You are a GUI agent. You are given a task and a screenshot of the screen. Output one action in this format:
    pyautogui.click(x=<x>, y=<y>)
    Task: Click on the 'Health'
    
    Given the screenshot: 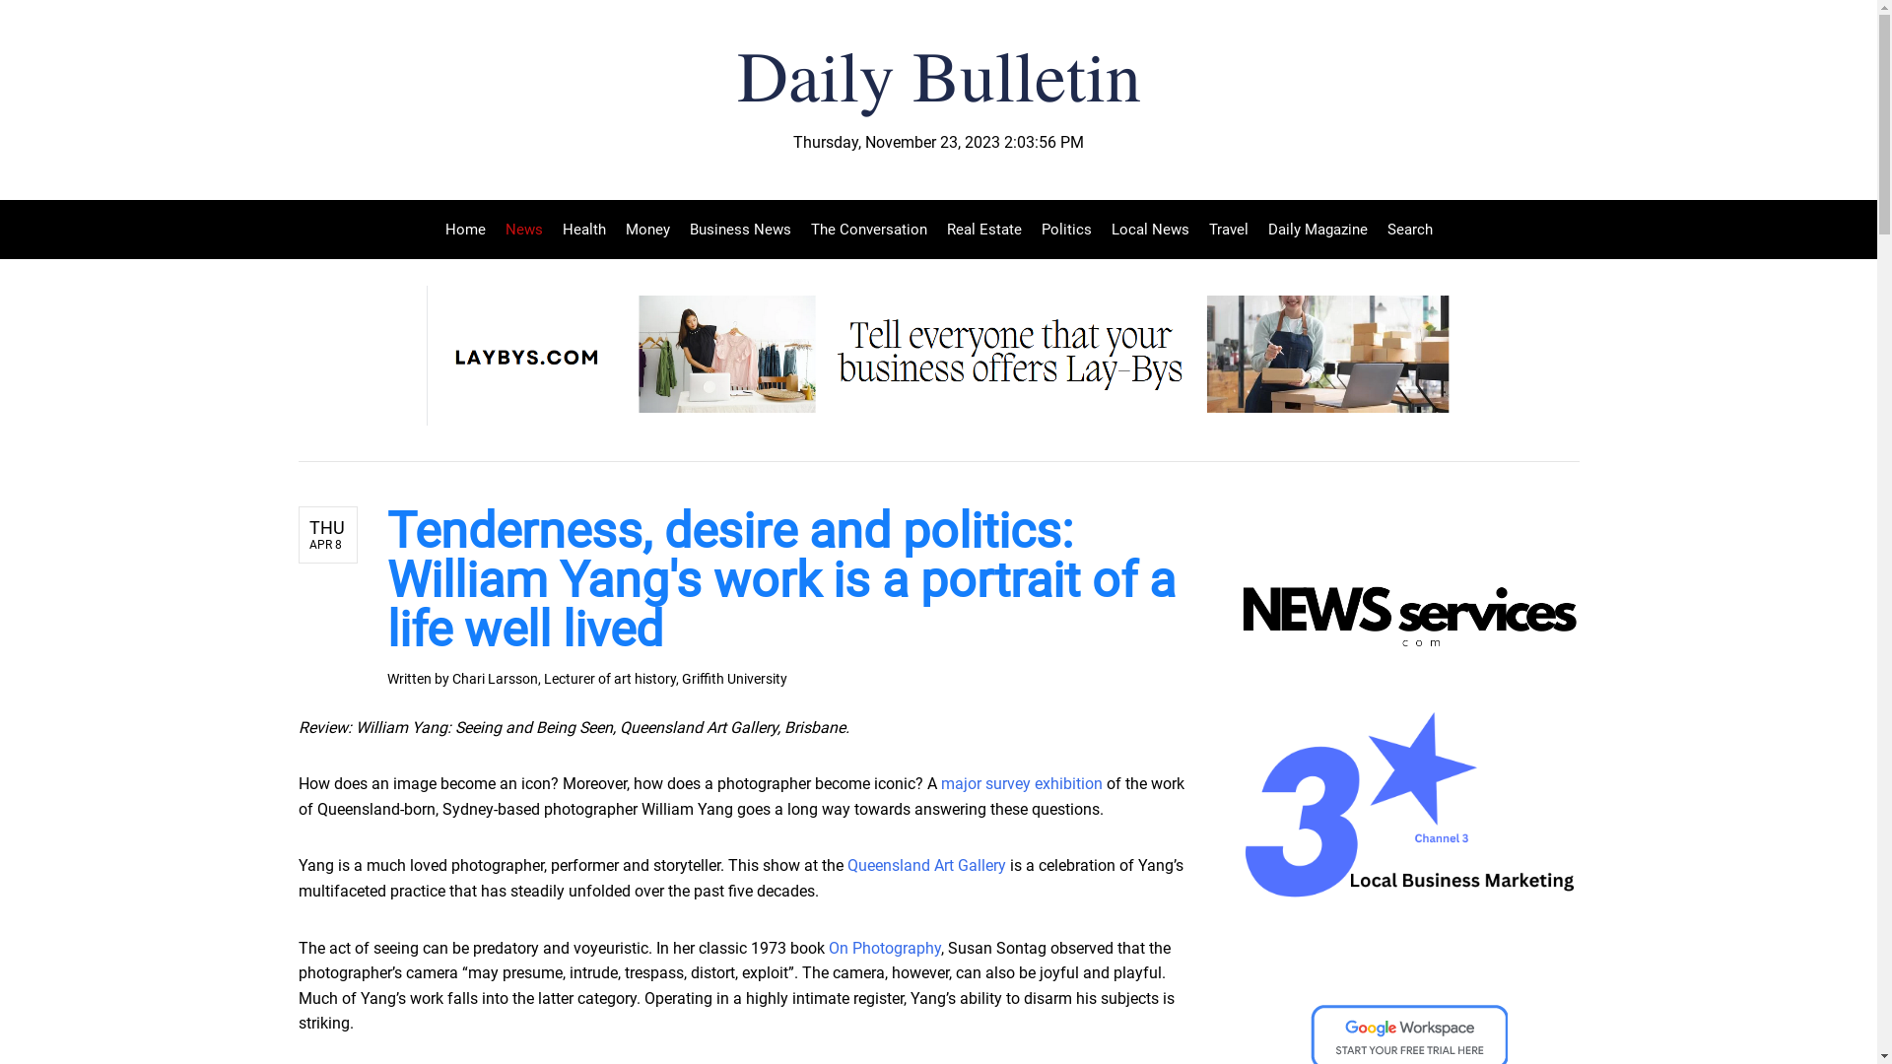 What is the action you would take?
    pyautogui.click(x=581, y=228)
    